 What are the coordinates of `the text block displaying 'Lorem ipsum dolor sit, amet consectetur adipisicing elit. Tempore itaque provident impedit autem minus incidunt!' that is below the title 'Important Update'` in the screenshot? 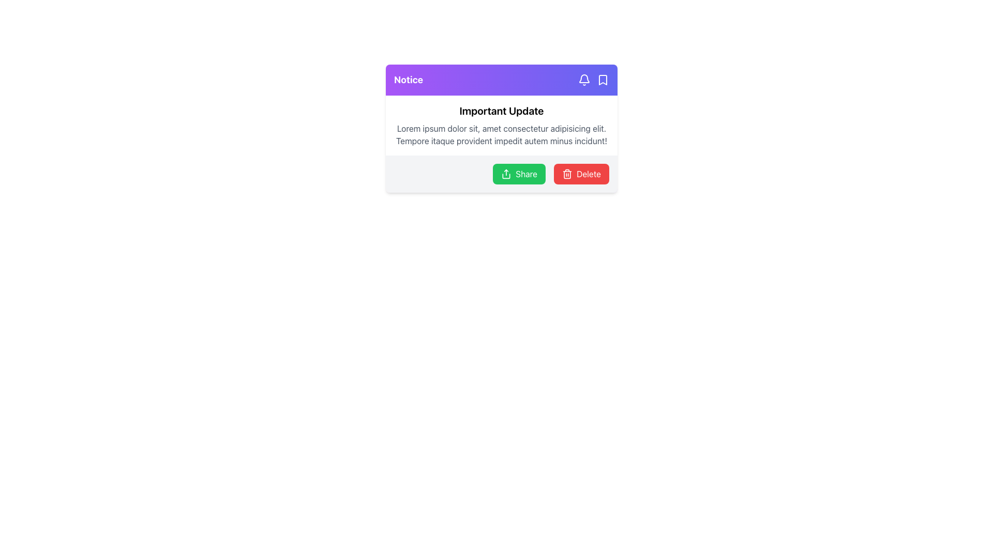 It's located at (501, 134).